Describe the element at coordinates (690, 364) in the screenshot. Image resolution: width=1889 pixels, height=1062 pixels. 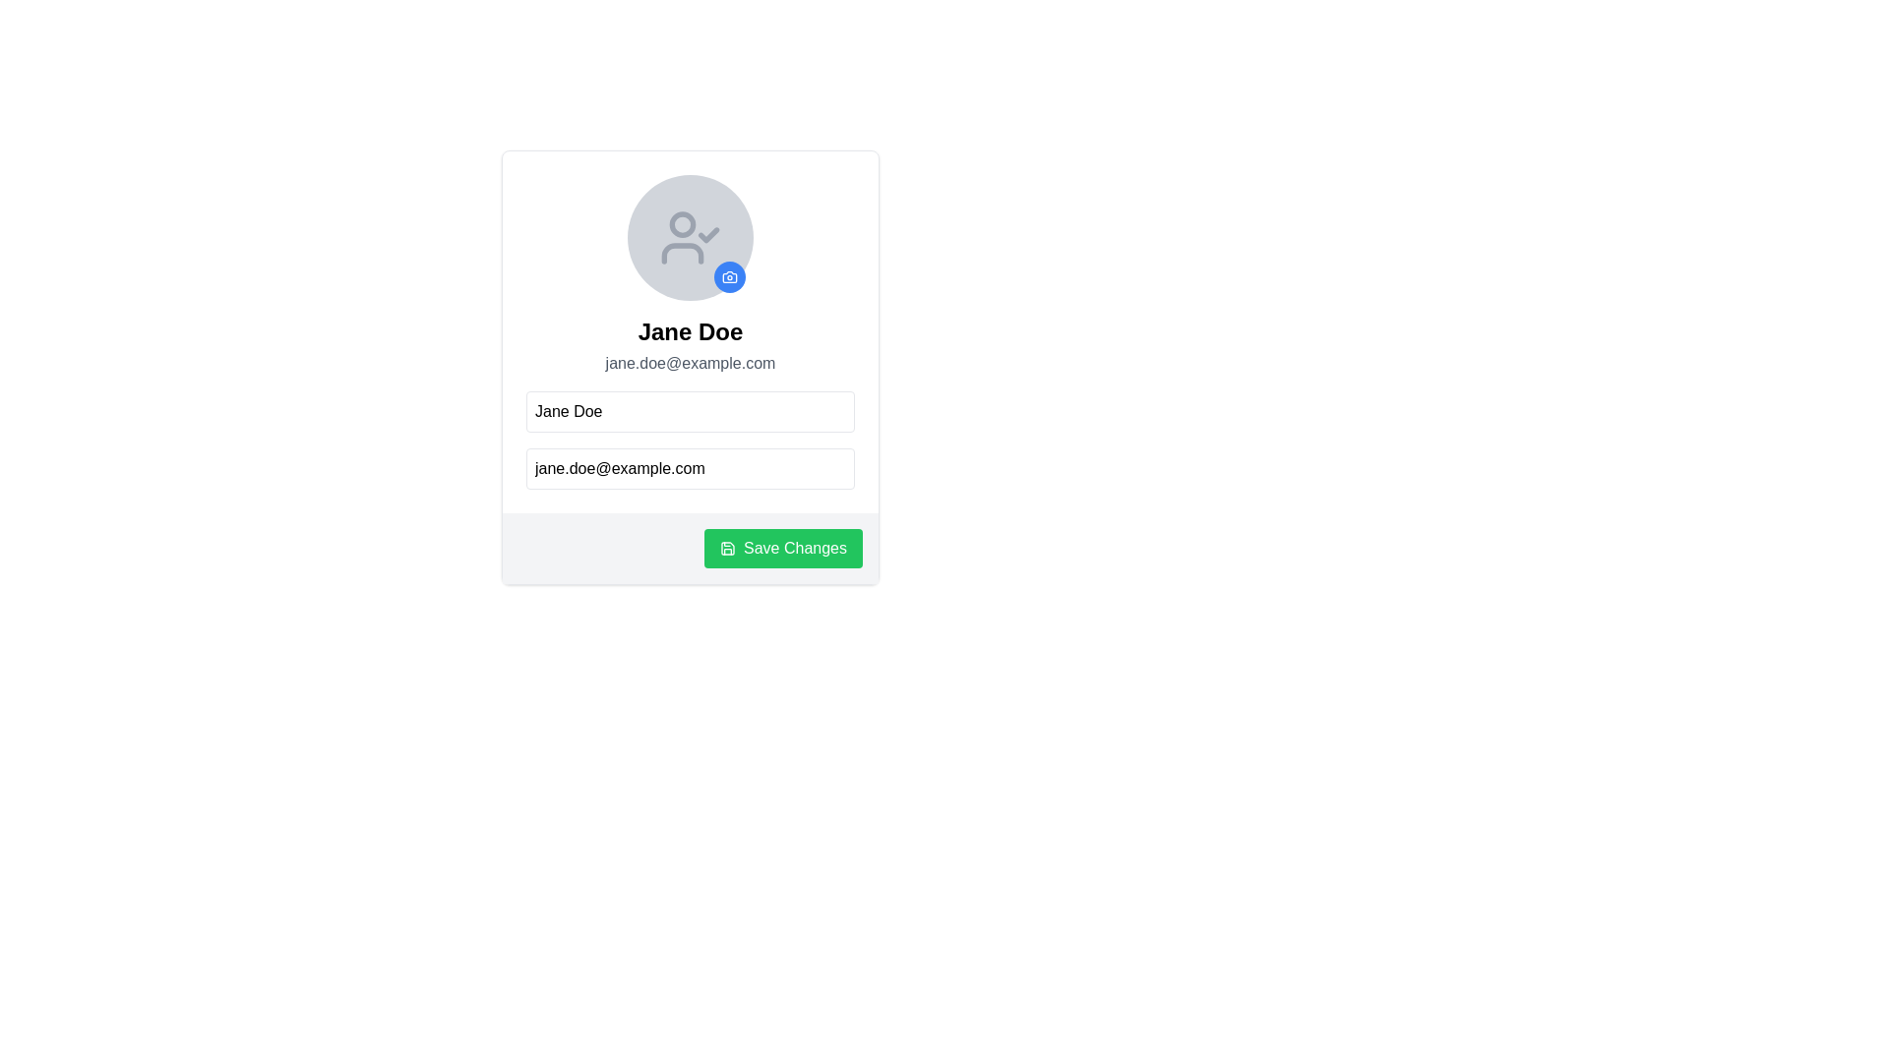
I see `the text label displaying the email 'jane.doe@example.com', which is styled in gray and positioned beneath the header 'Jane Doe' within the user profile card` at that location.